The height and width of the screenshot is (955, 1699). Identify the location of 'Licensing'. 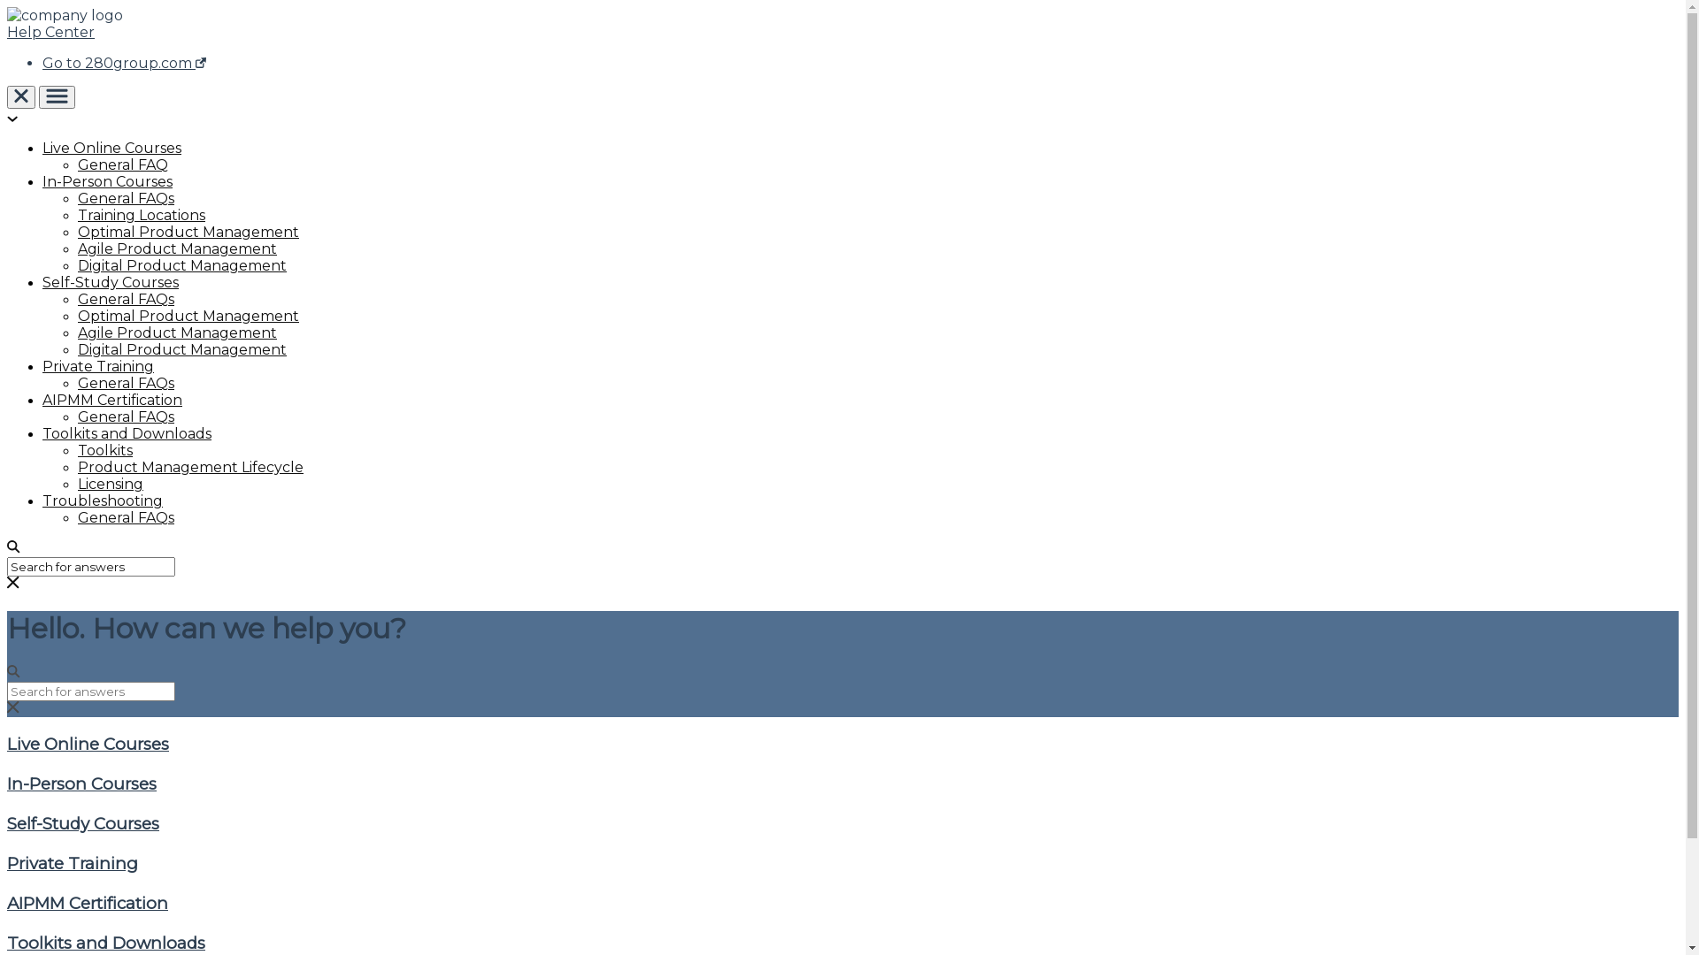
(109, 484).